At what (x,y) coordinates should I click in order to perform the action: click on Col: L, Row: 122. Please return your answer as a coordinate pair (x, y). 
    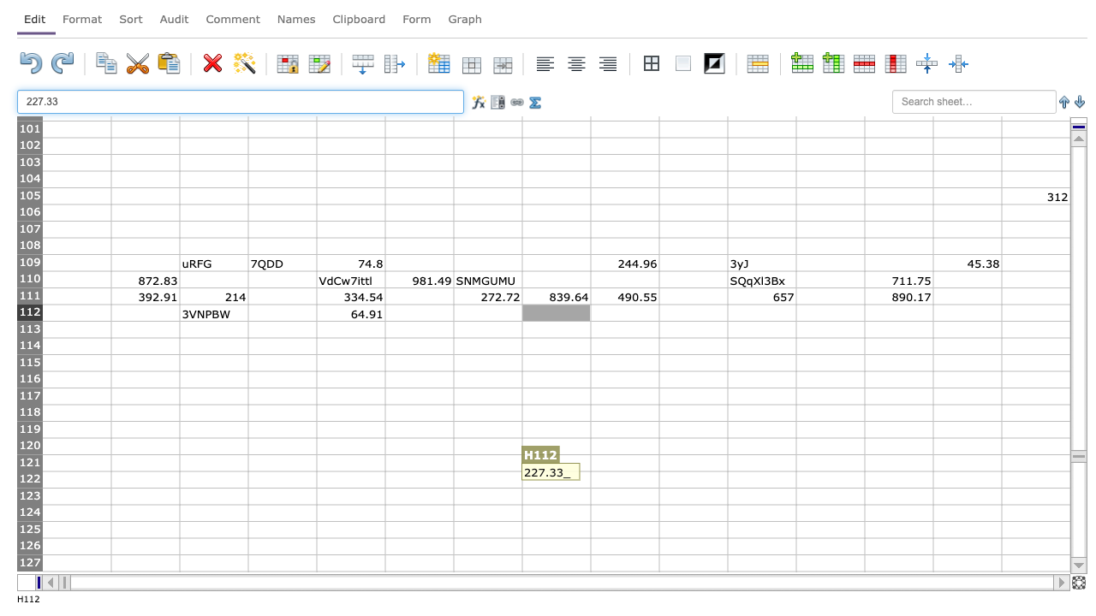
    Looking at the image, I should click on (830, 479).